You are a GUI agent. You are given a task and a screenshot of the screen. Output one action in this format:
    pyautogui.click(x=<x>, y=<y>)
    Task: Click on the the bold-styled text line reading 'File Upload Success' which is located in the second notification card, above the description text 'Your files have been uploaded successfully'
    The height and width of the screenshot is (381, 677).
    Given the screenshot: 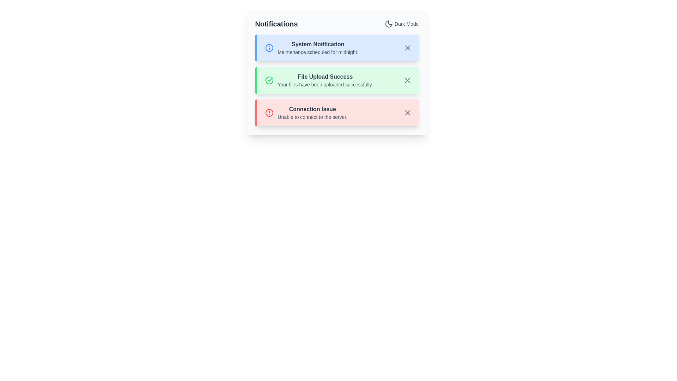 What is the action you would take?
    pyautogui.click(x=325, y=77)
    